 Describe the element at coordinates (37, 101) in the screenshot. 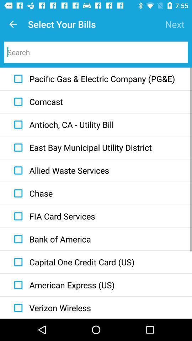

I see `item above the antioch ca utility` at that location.